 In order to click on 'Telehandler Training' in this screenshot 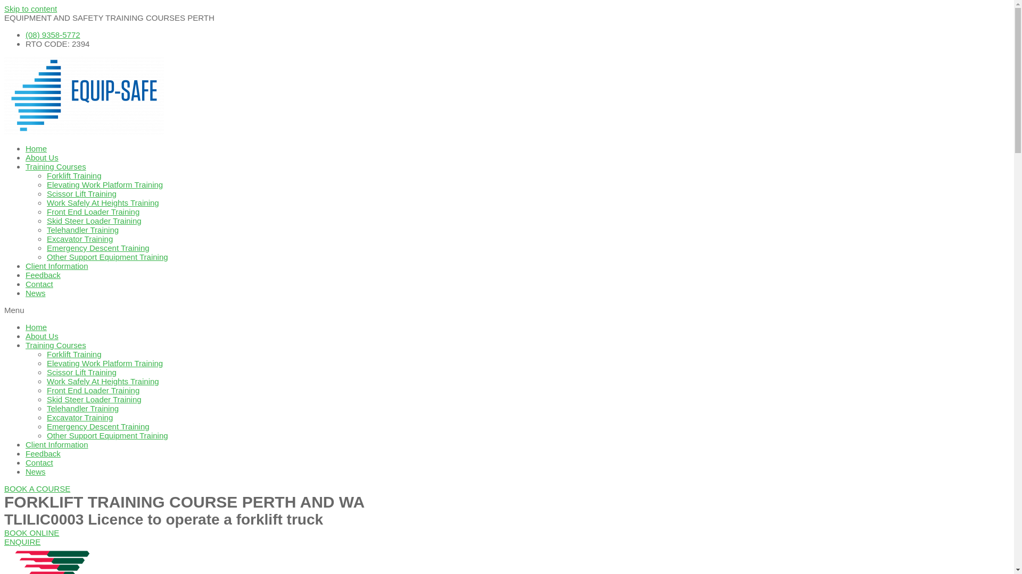, I will do `click(82, 229)`.